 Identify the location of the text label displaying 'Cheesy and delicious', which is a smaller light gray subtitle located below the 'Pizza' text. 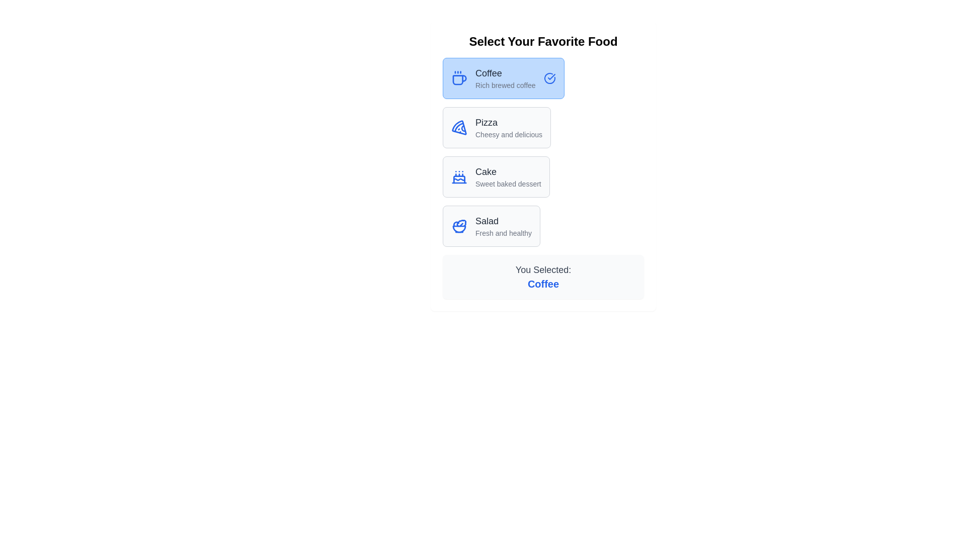
(509, 134).